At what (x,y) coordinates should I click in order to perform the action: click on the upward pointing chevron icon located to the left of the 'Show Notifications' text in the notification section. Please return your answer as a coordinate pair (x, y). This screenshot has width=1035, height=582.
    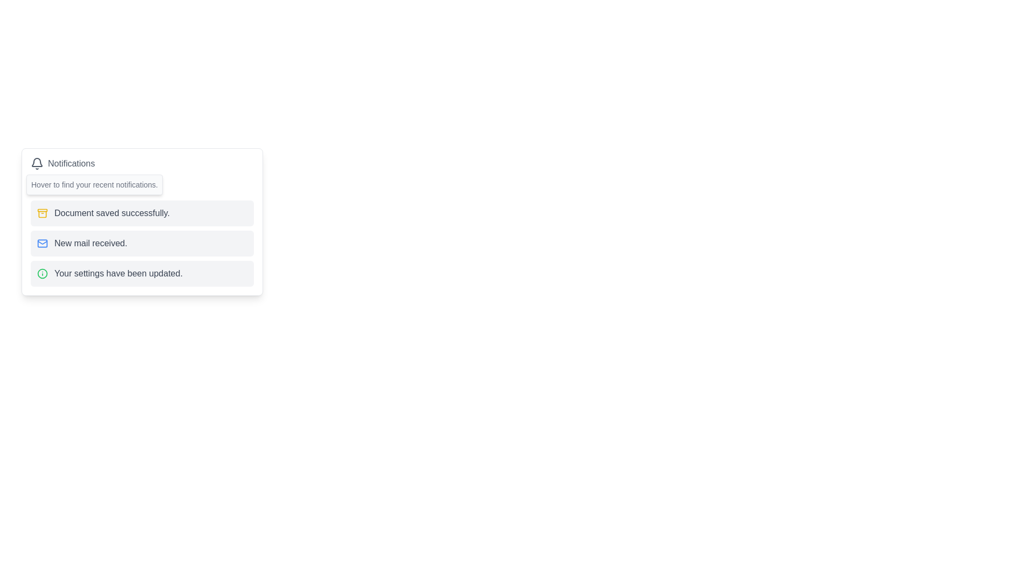
    Looking at the image, I should click on (37, 184).